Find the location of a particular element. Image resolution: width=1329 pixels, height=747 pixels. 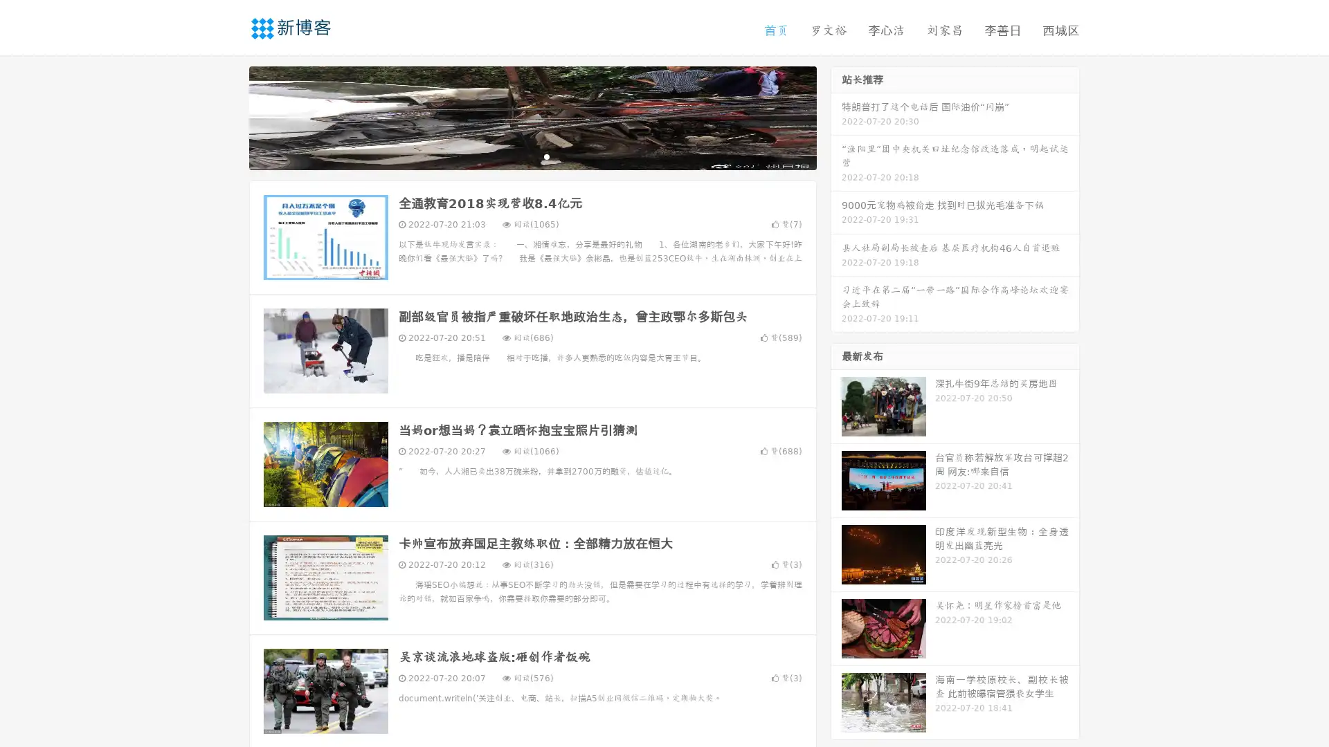

Go to slide 3 is located at coordinates (546, 156).